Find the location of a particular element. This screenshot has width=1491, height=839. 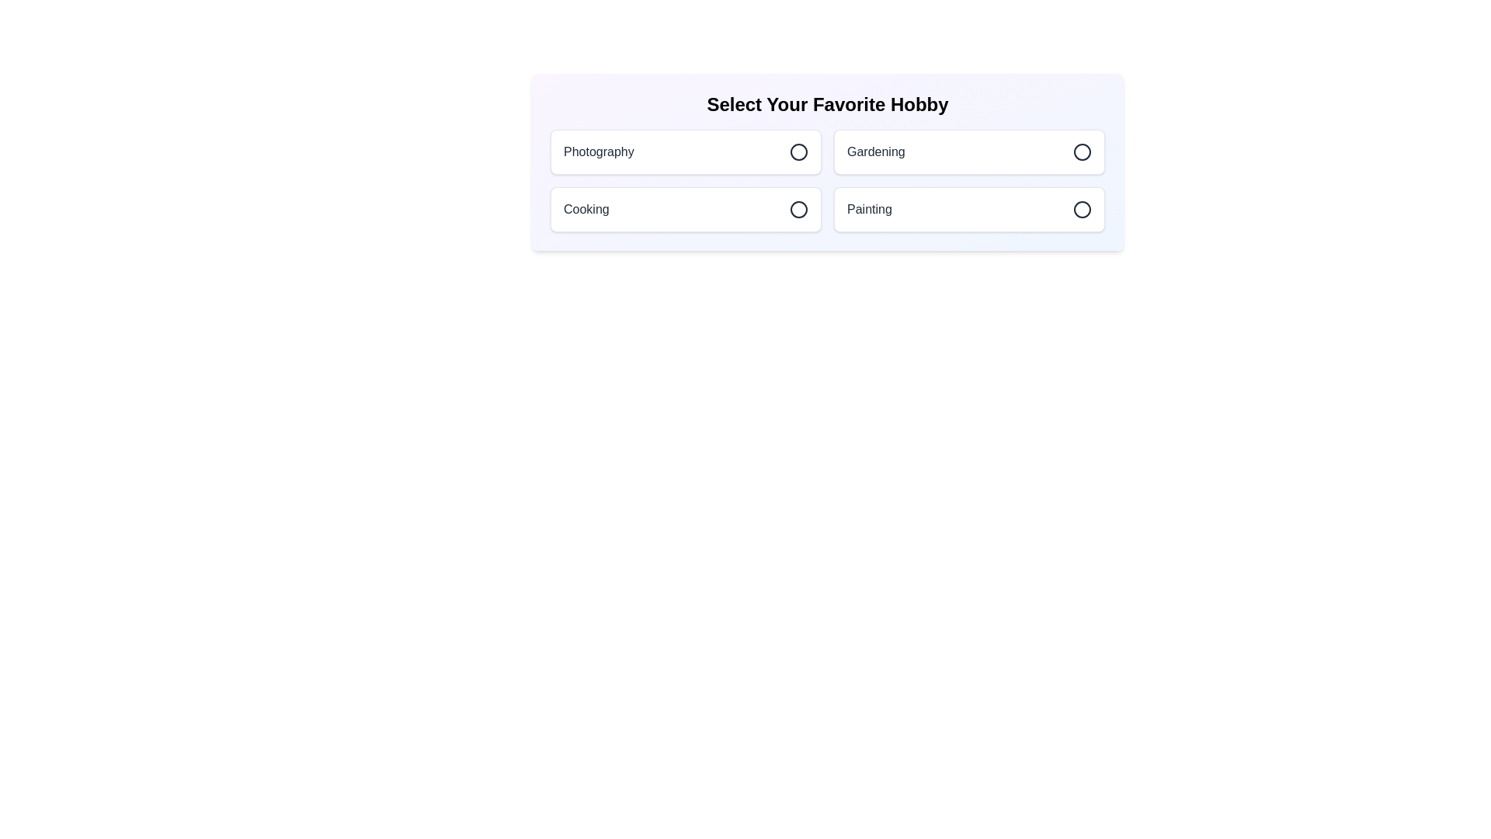

the selection indicator (radio button style) located to the right of the 'Photography' text in the 'Select Your Favorite Hobby' section, which is a circular, outlined icon filled in the center is located at coordinates (798, 152).